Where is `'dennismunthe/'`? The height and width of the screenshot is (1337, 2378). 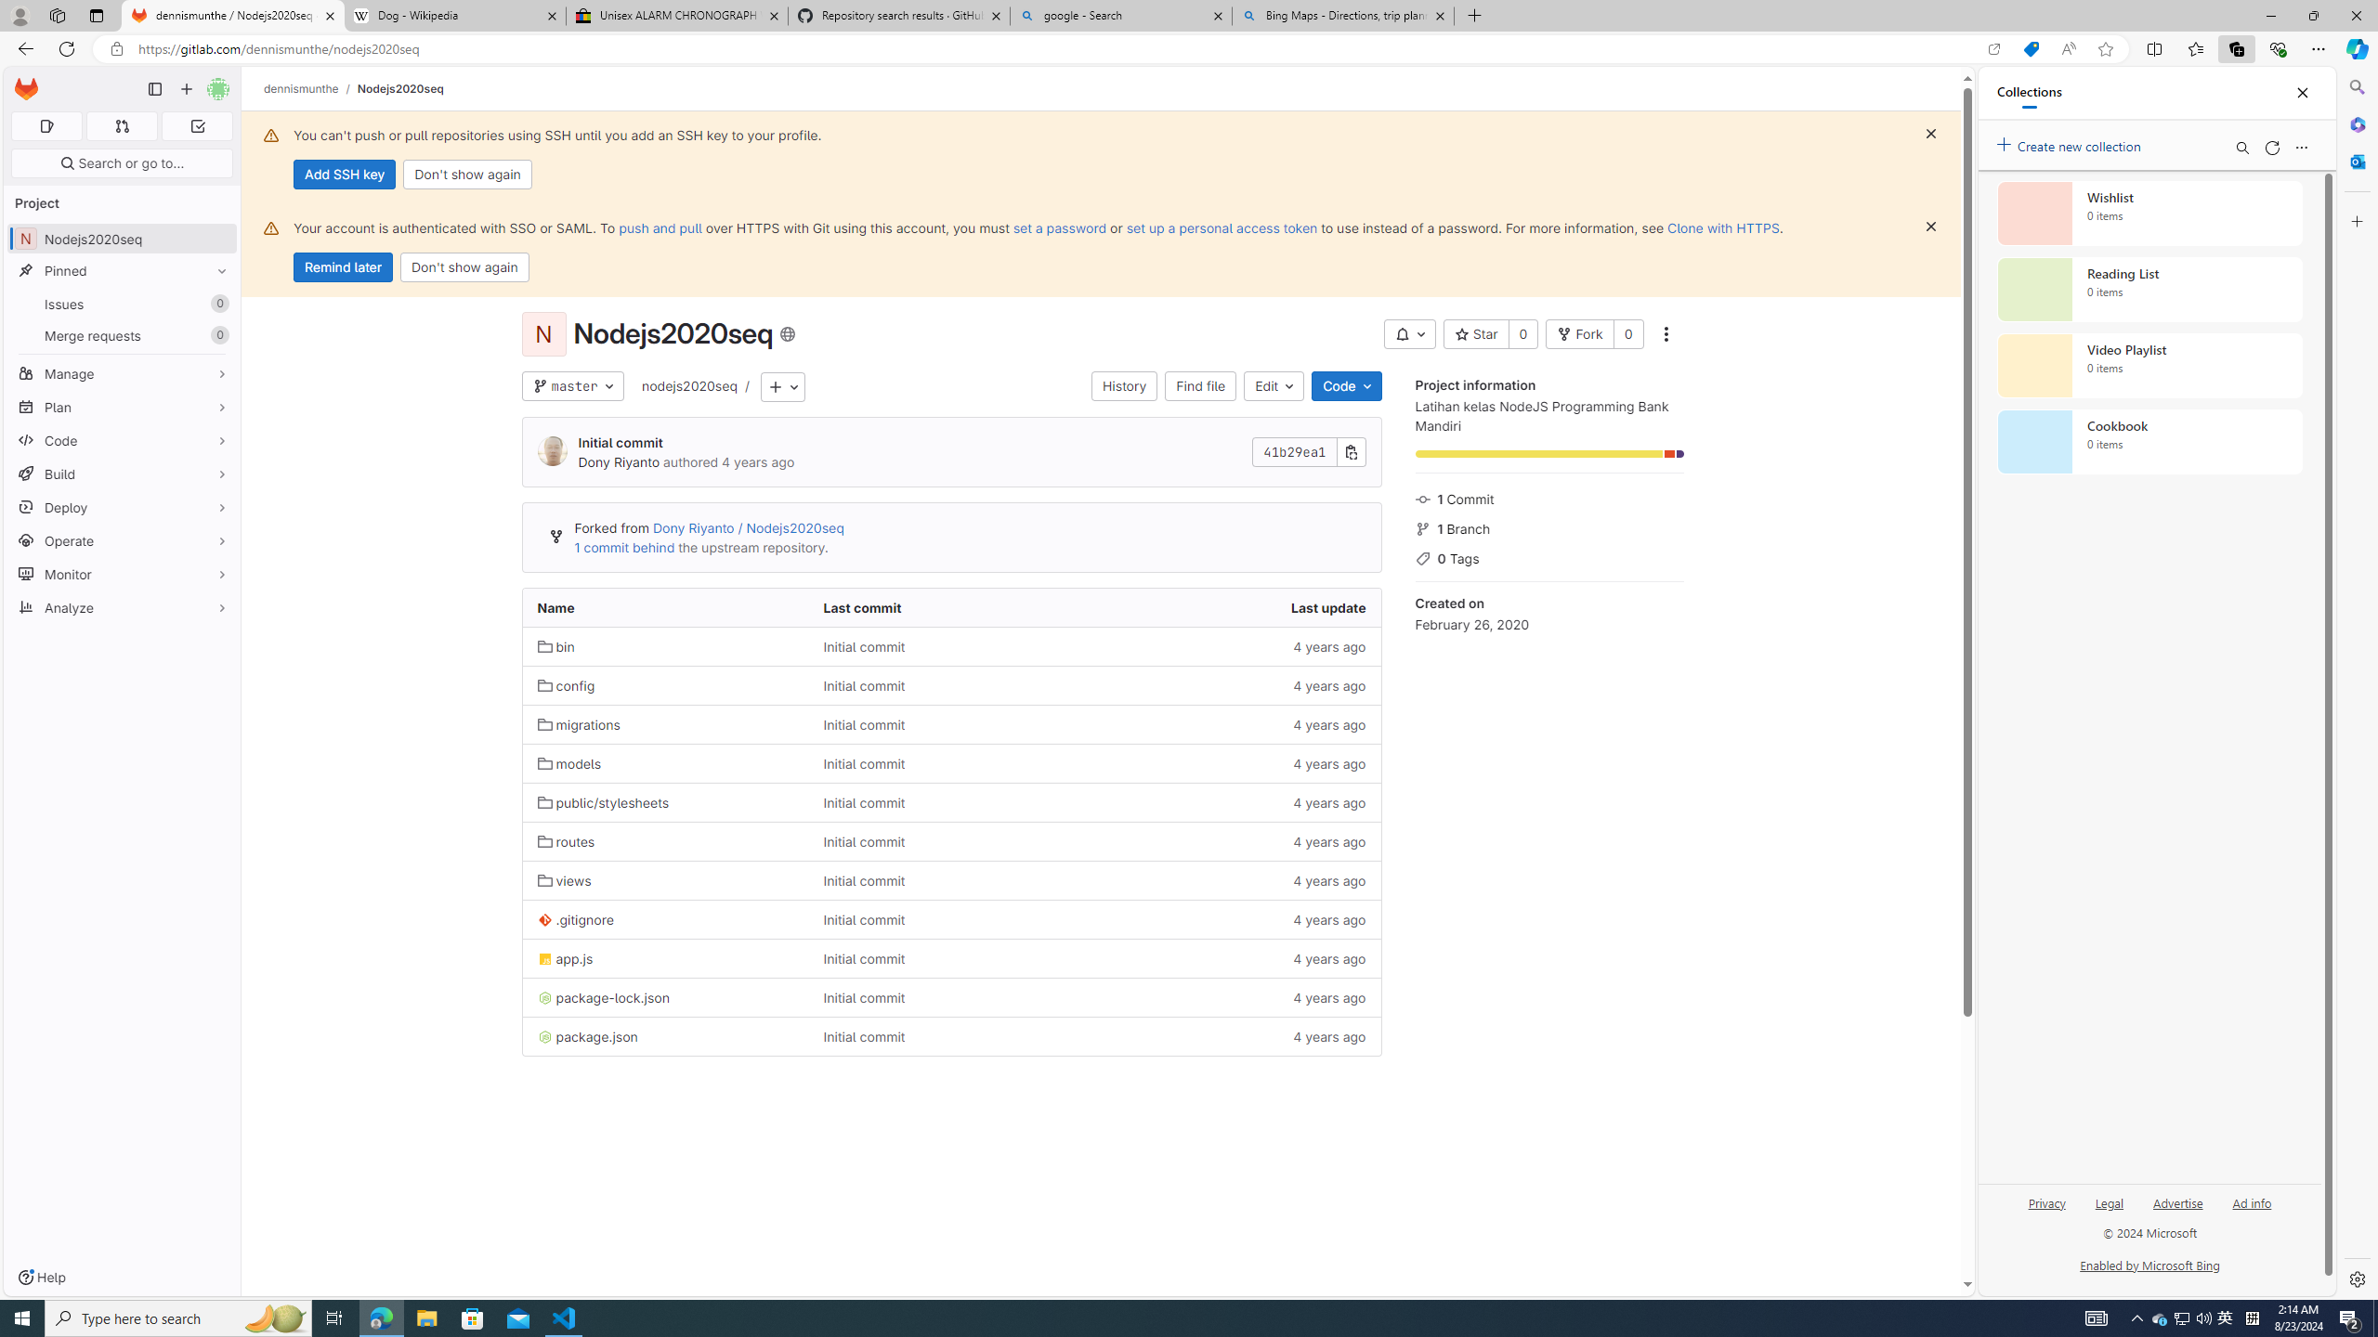
'dennismunthe/' is located at coordinates (310, 88).